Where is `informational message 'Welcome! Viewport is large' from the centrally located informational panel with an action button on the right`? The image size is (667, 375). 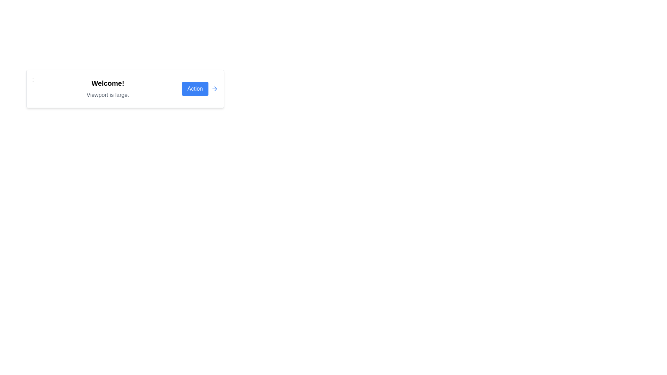 informational message 'Welcome! Viewport is large' from the centrally located informational panel with an action button on the right is located at coordinates (125, 88).